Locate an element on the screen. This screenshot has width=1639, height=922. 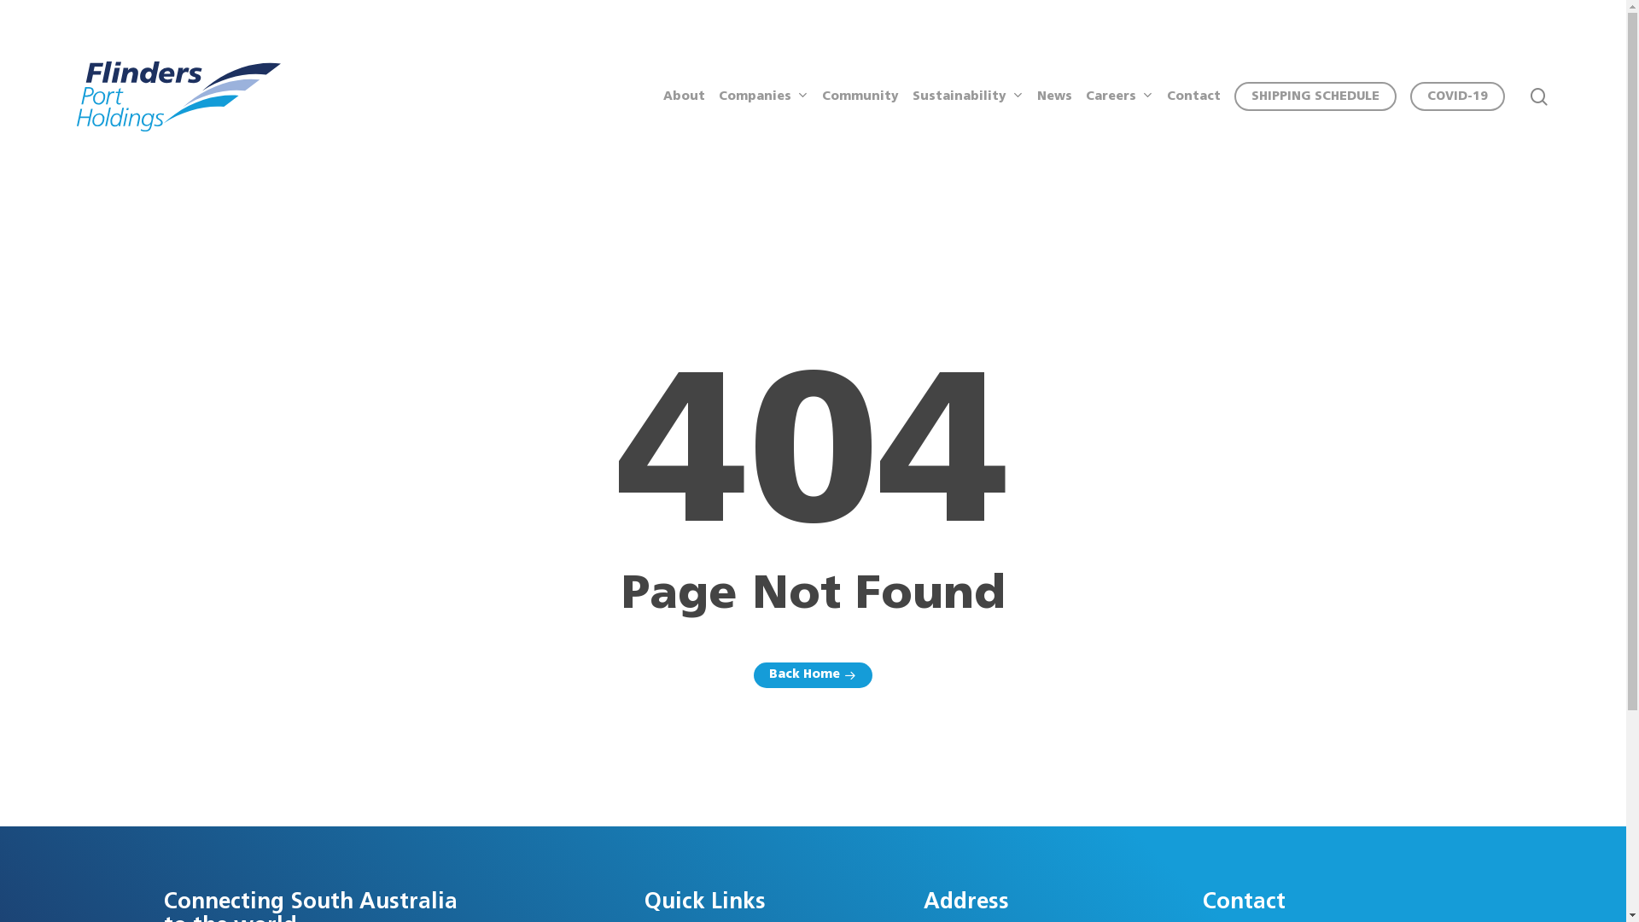
'Careers' is located at coordinates (1119, 96).